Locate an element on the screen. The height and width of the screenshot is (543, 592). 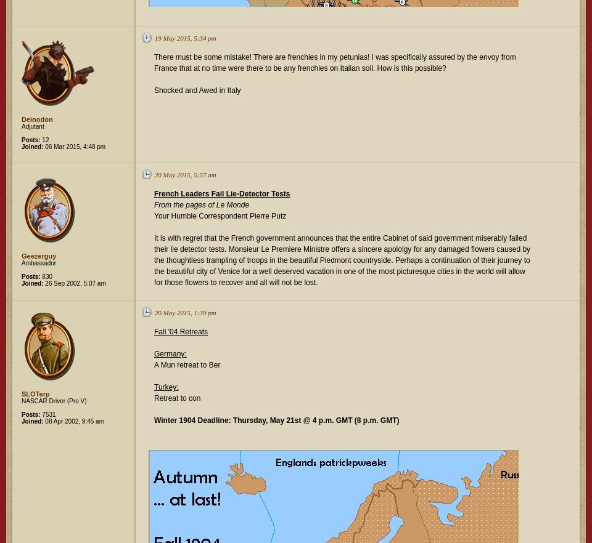
'Fall '04 Retreats' is located at coordinates (180, 331).